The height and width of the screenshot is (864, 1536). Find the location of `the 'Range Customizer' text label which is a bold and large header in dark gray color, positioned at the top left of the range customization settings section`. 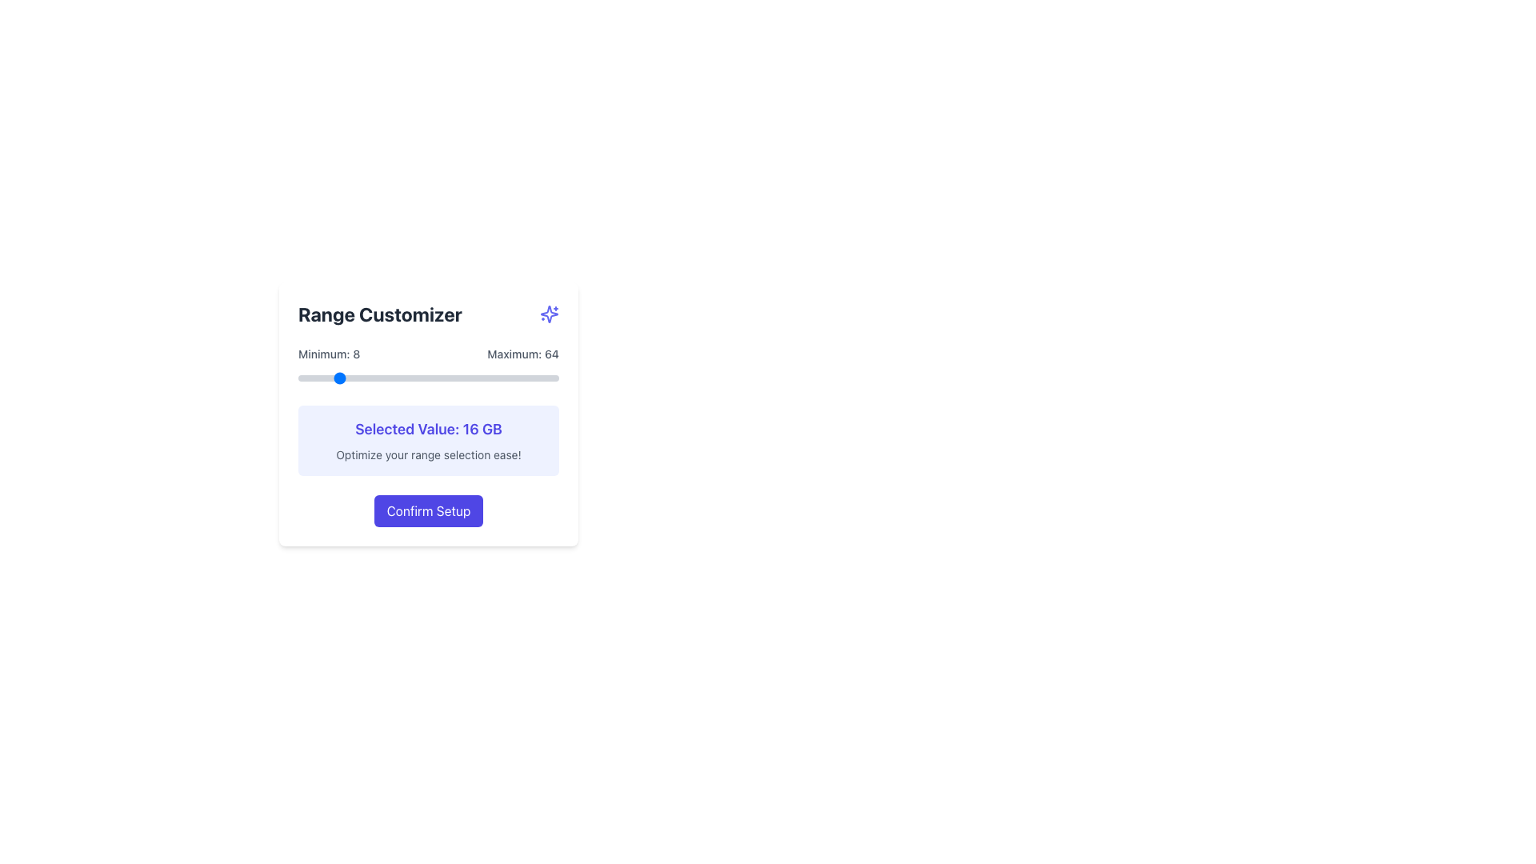

the 'Range Customizer' text label which is a bold and large header in dark gray color, positioned at the top left of the range customization settings section is located at coordinates (379, 314).